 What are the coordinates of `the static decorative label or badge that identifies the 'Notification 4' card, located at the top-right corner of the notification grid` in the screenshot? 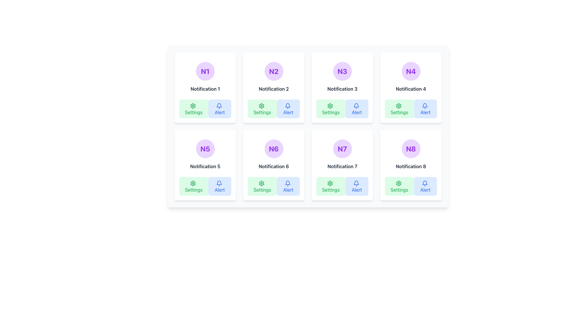 It's located at (411, 71).